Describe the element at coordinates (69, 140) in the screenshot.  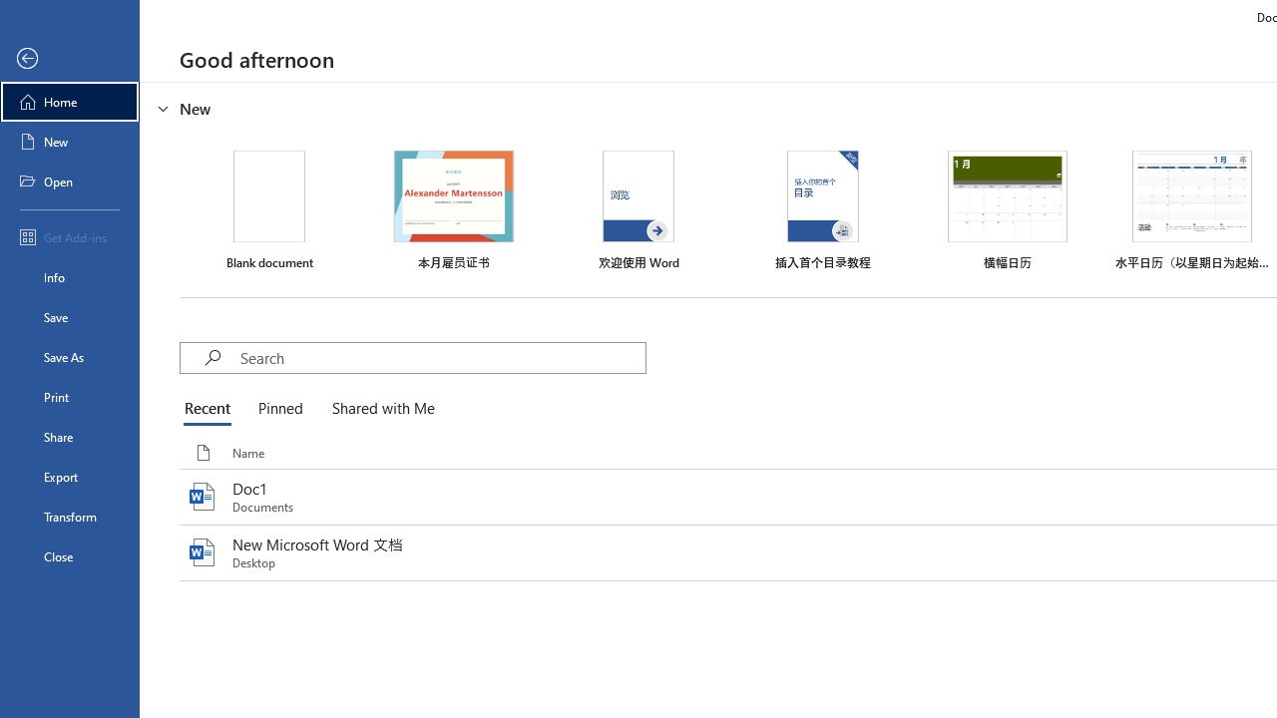
I see `'New'` at that location.